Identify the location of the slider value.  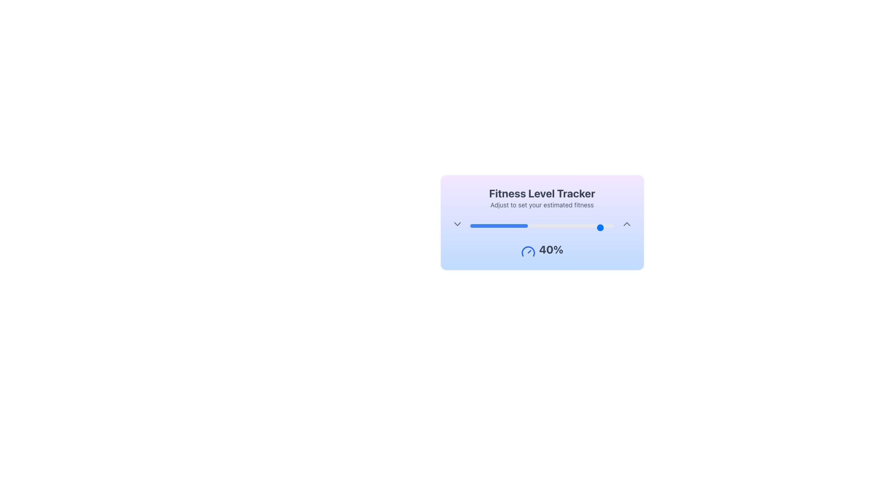
(567, 224).